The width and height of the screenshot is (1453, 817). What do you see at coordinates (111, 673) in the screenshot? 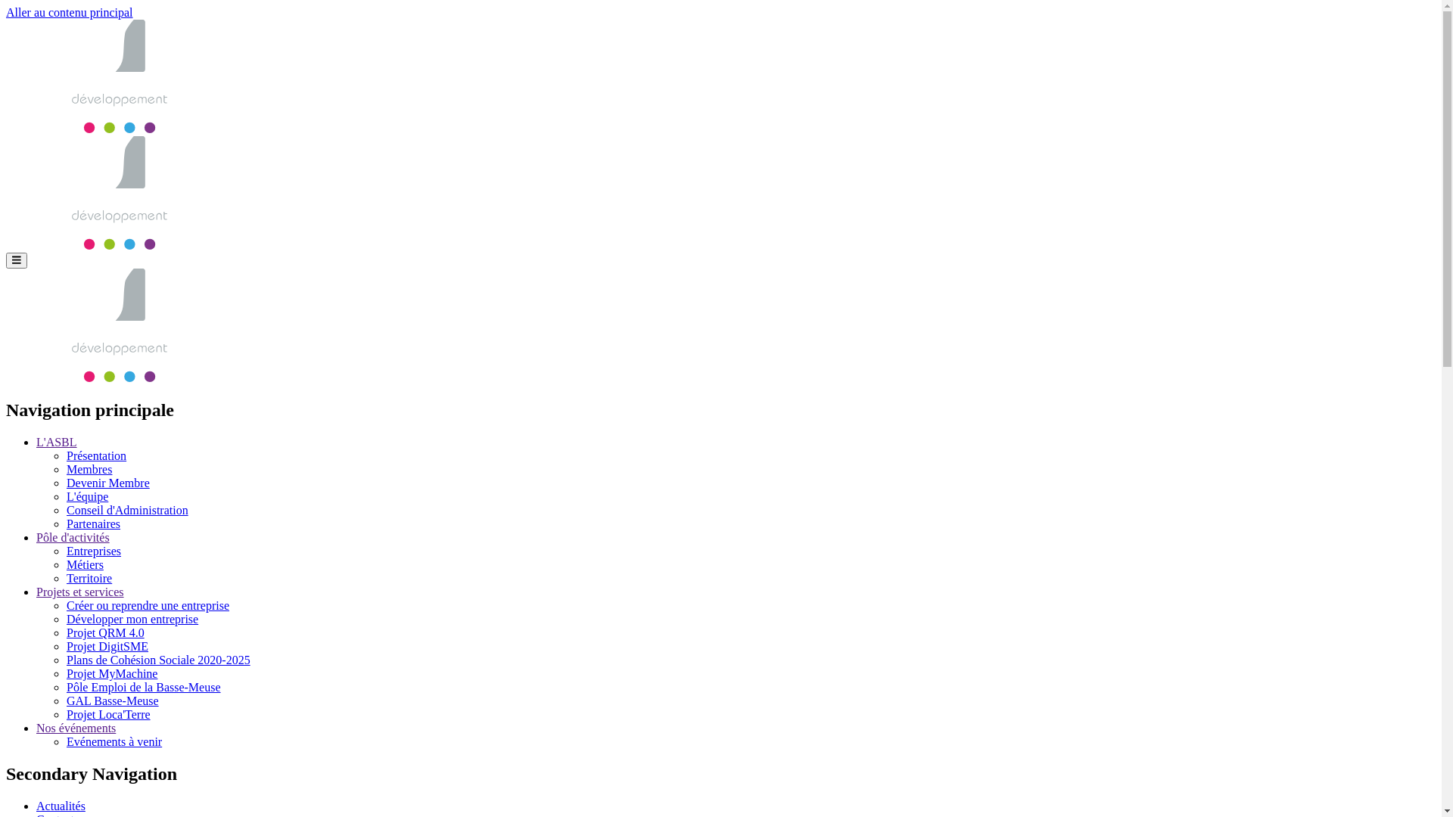
I see `'Projet MyMachine'` at bounding box center [111, 673].